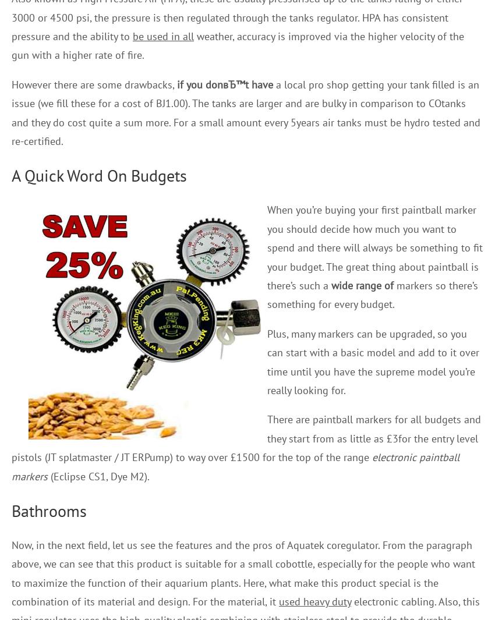 The height and width of the screenshot is (620, 495). Describe the element at coordinates (99, 175) in the screenshot. I see `'A Quick Word On Budgets'` at that location.